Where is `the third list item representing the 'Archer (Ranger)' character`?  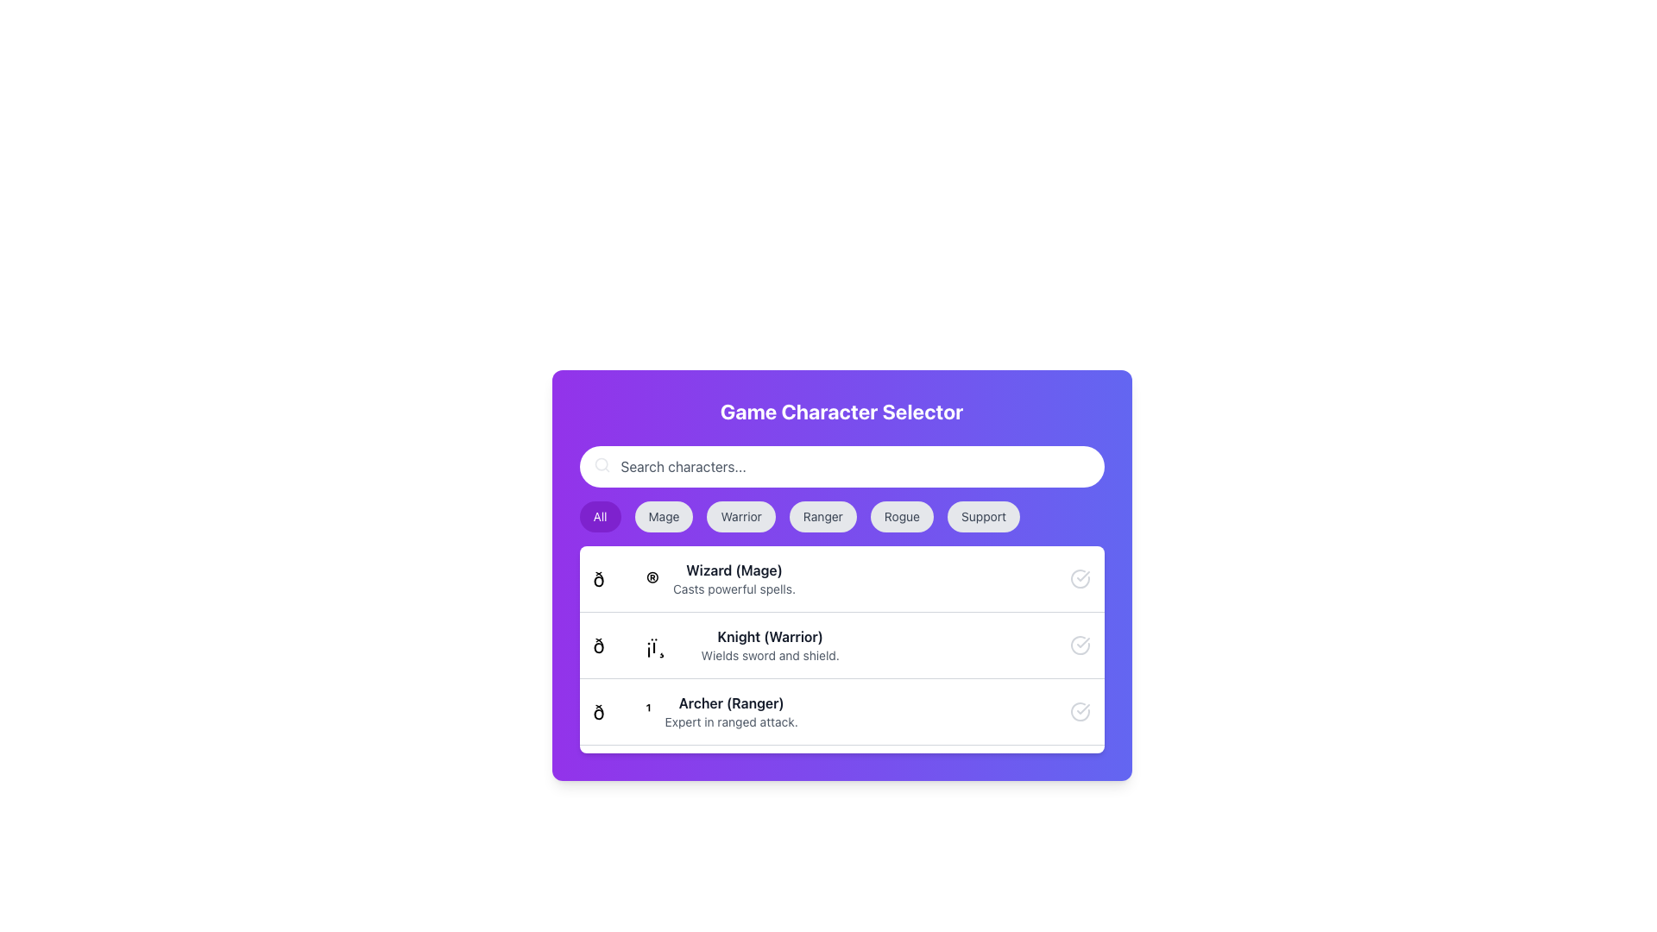
the third list item representing the 'Archer (Ranger)' character is located at coordinates (696, 712).